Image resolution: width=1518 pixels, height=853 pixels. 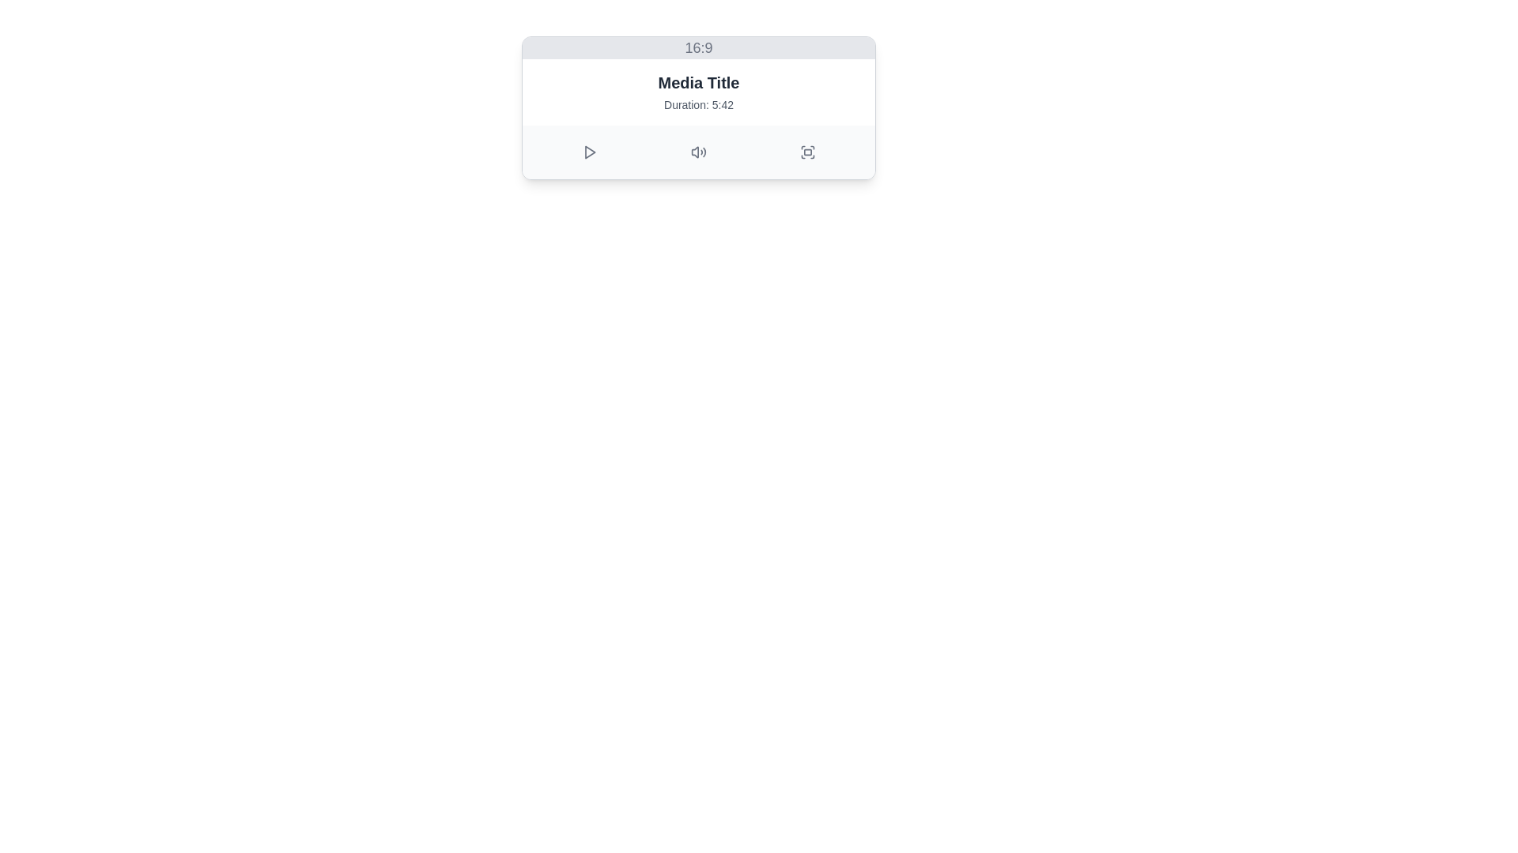 I want to click on the volume control icon located centrally below the text 'Media Title', so click(x=697, y=152).